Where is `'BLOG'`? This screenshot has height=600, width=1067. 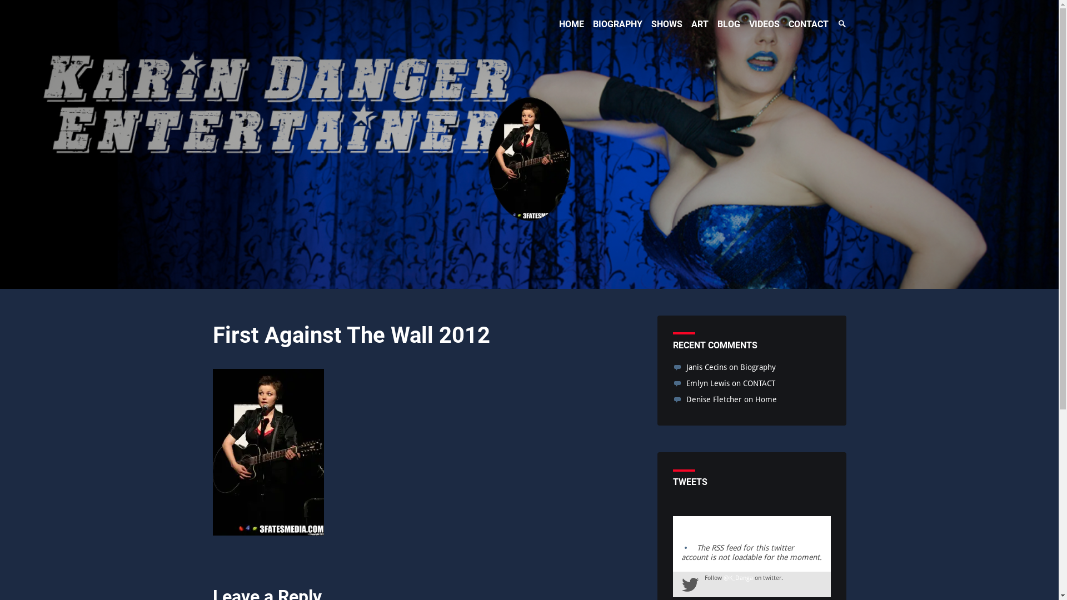 'BLOG' is located at coordinates (717, 24).